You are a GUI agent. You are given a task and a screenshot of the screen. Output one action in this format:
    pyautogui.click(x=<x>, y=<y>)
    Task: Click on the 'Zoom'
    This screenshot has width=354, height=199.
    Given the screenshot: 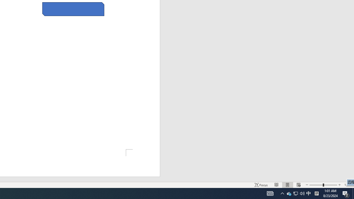 What is the action you would take?
    pyautogui.click(x=323, y=185)
    